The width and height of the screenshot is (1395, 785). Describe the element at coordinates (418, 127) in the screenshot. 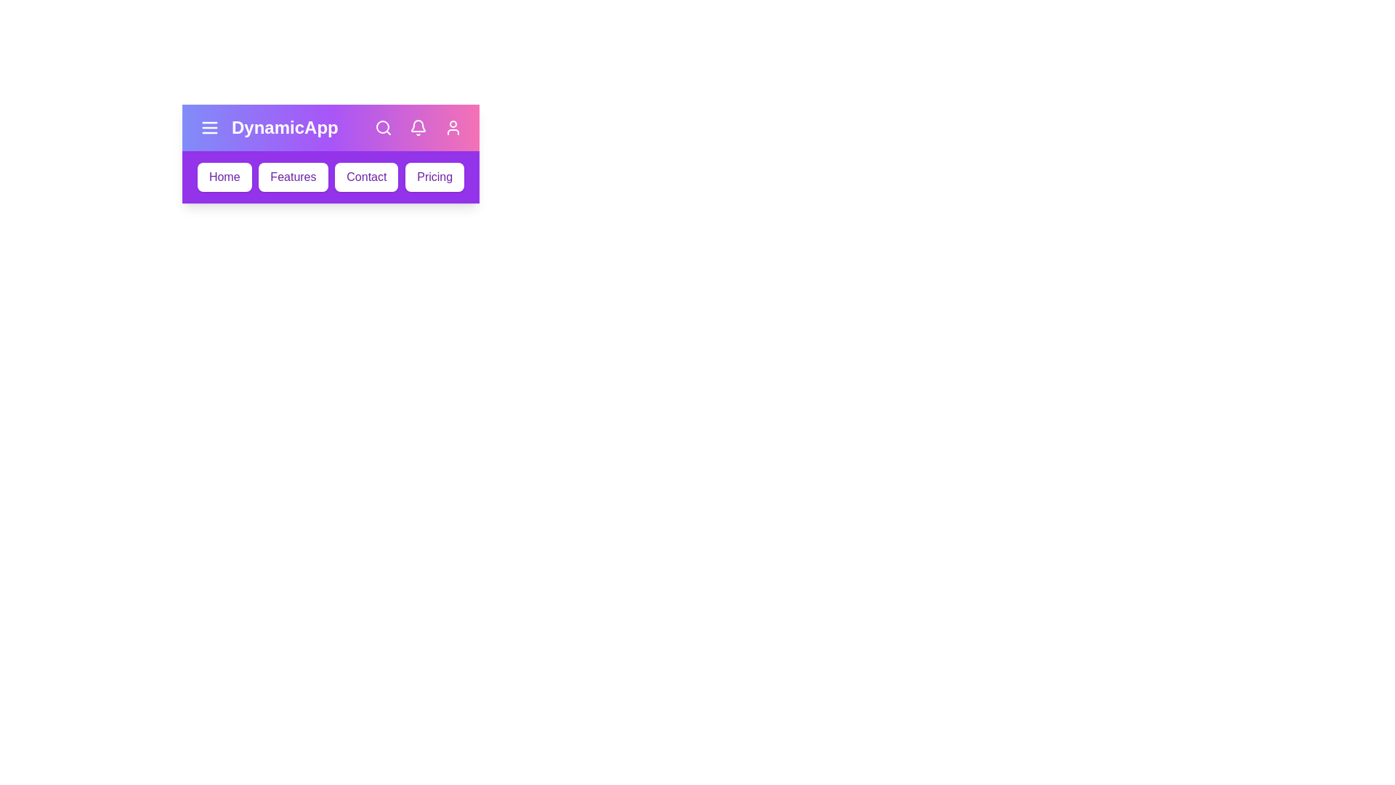

I see `the bell icon to open the notifications panel` at that location.